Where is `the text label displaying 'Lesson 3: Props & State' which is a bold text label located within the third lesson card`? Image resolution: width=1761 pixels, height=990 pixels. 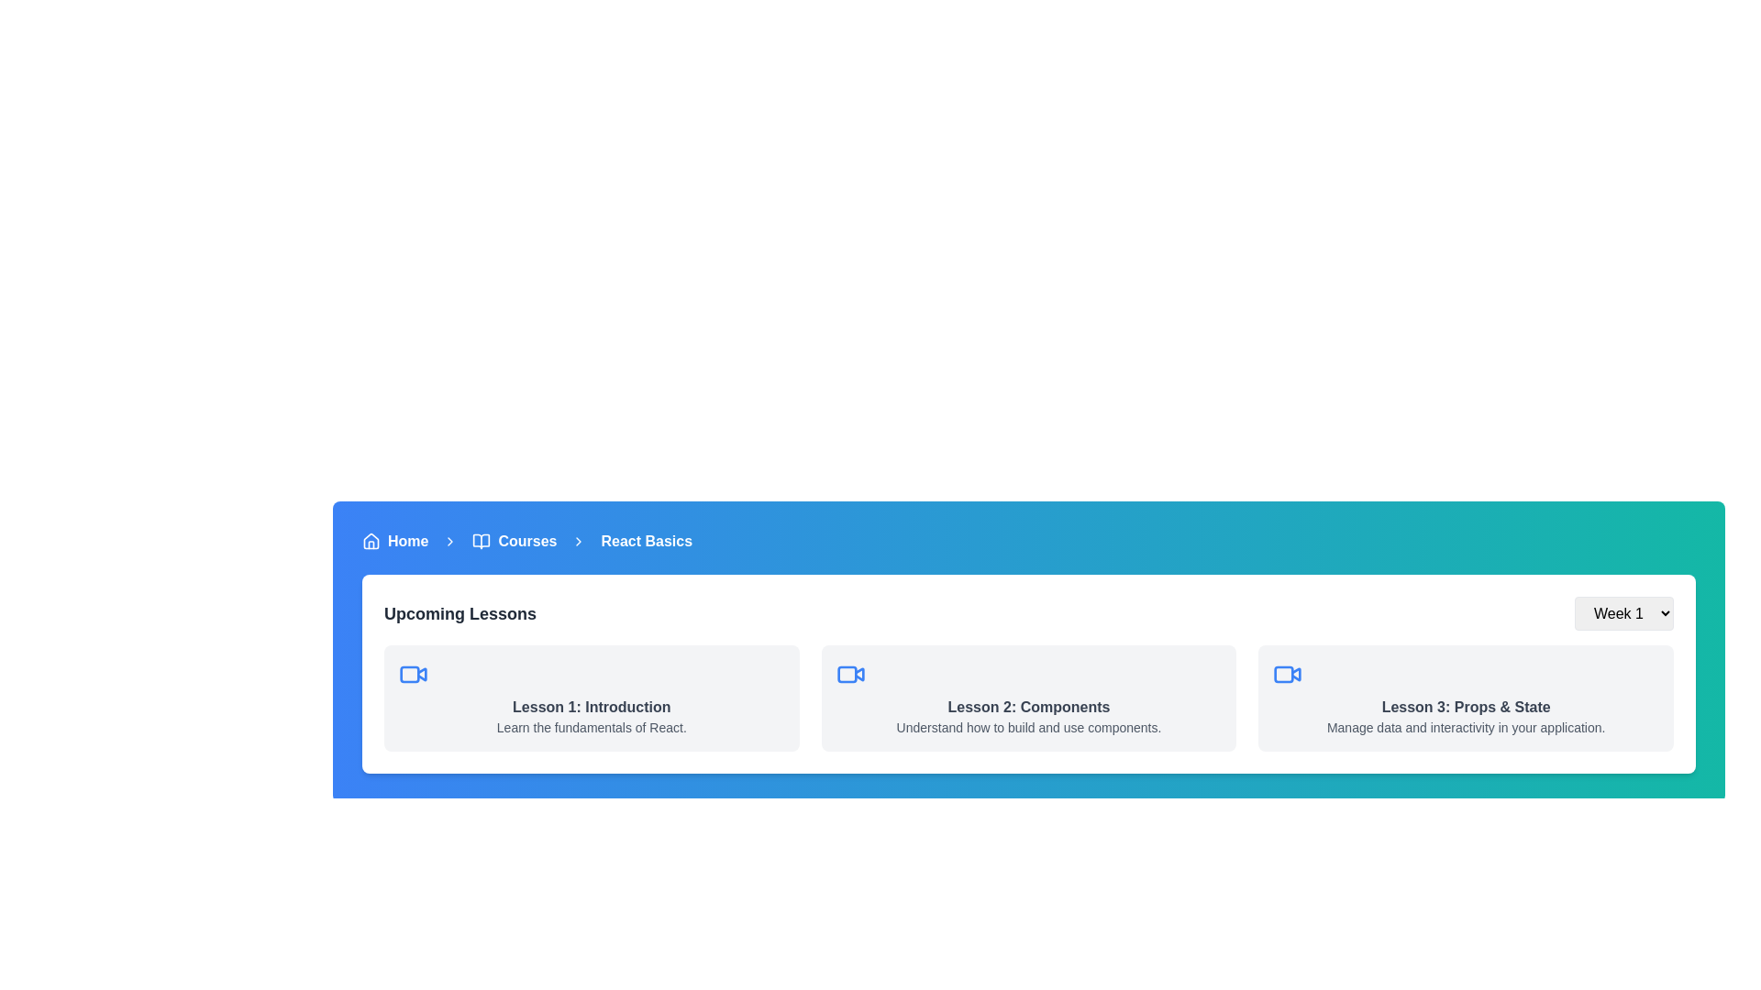
the text label displaying 'Lesson 3: Props & State' which is a bold text label located within the third lesson card is located at coordinates (1465, 706).